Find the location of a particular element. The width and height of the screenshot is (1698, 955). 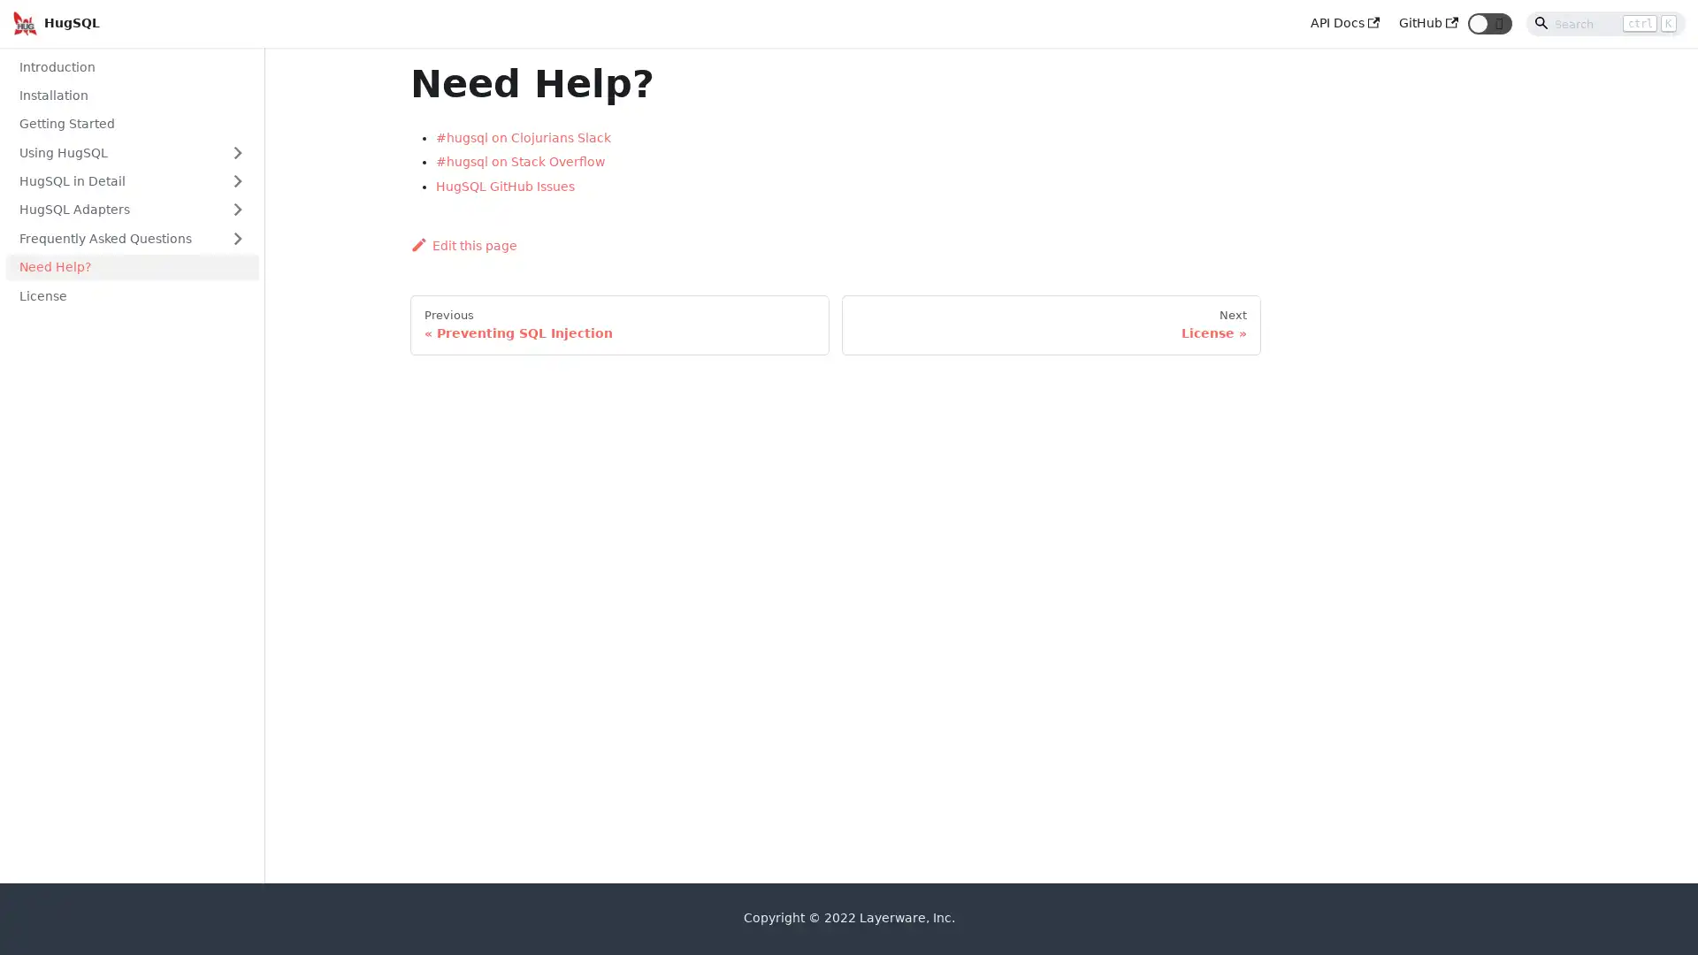

Toggle the collapsible sidebar category 'HugSQL Adapters' is located at coordinates (236, 208).